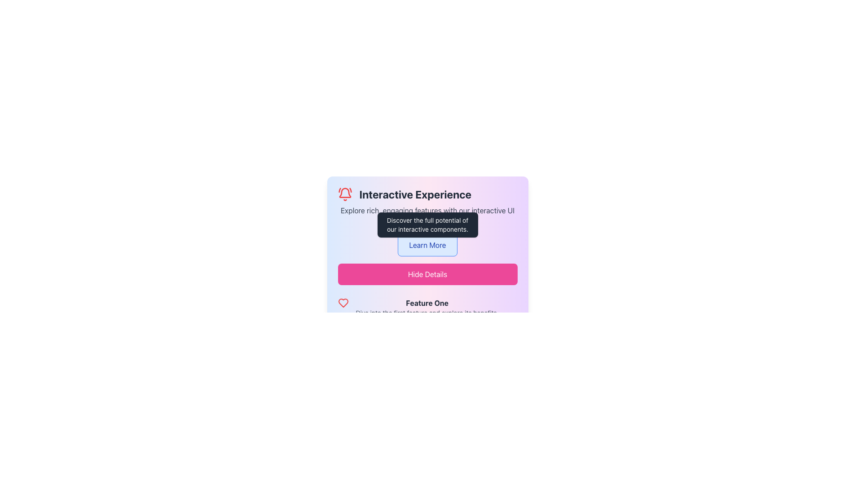 This screenshot has width=862, height=485. What do you see at coordinates (427, 303) in the screenshot?
I see `the Text label which serves as a title for the feature description to trigger any associated tooltips` at bounding box center [427, 303].